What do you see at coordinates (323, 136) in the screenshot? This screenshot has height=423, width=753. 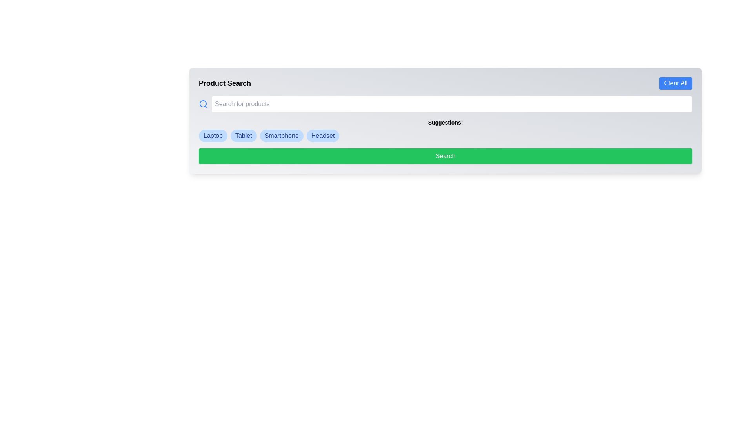 I see `the 'Headset' selectable category tag located in the fourth position of a horizontal list of tags, which includes 'Laptop,' 'Tablet,' 'Smartphone,' and 'Headset.'` at bounding box center [323, 136].